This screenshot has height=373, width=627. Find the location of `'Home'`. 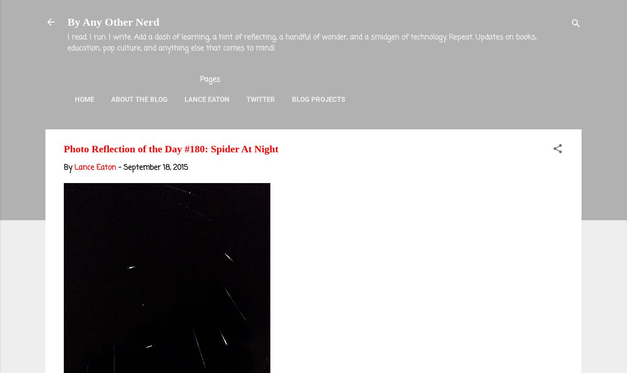

'Home' is located at coordinates (84, 99).